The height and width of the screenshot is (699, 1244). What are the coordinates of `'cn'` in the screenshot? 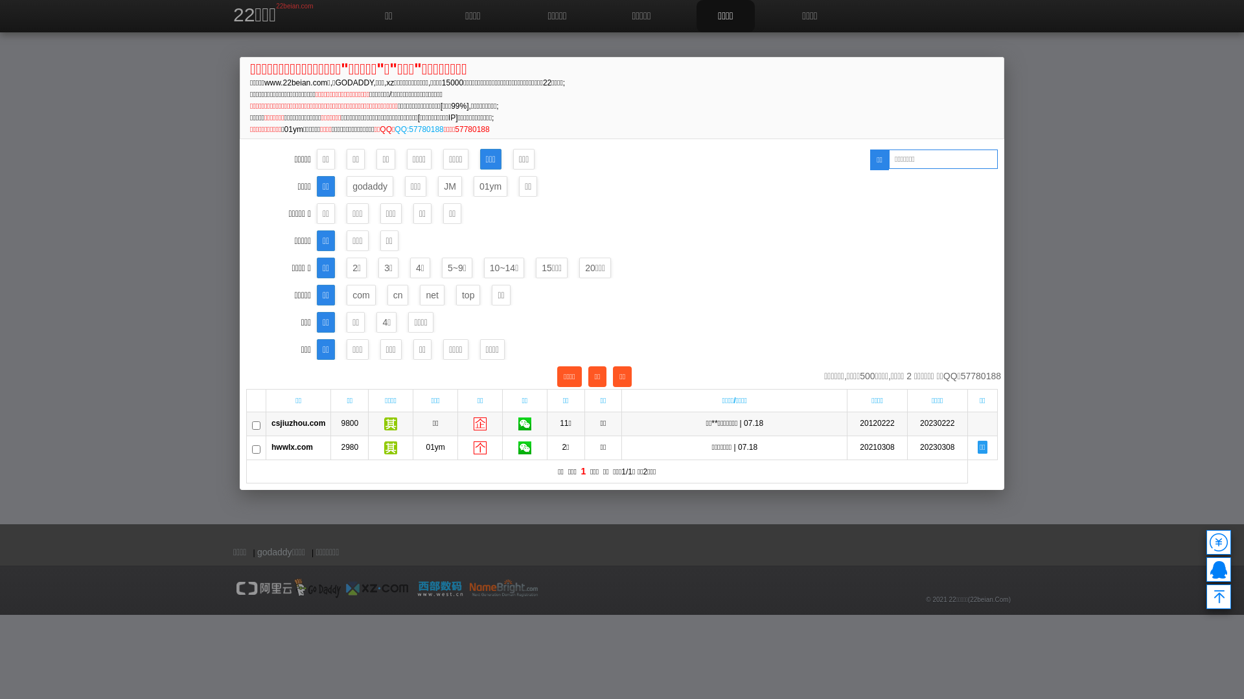 It's located at (397, 294).